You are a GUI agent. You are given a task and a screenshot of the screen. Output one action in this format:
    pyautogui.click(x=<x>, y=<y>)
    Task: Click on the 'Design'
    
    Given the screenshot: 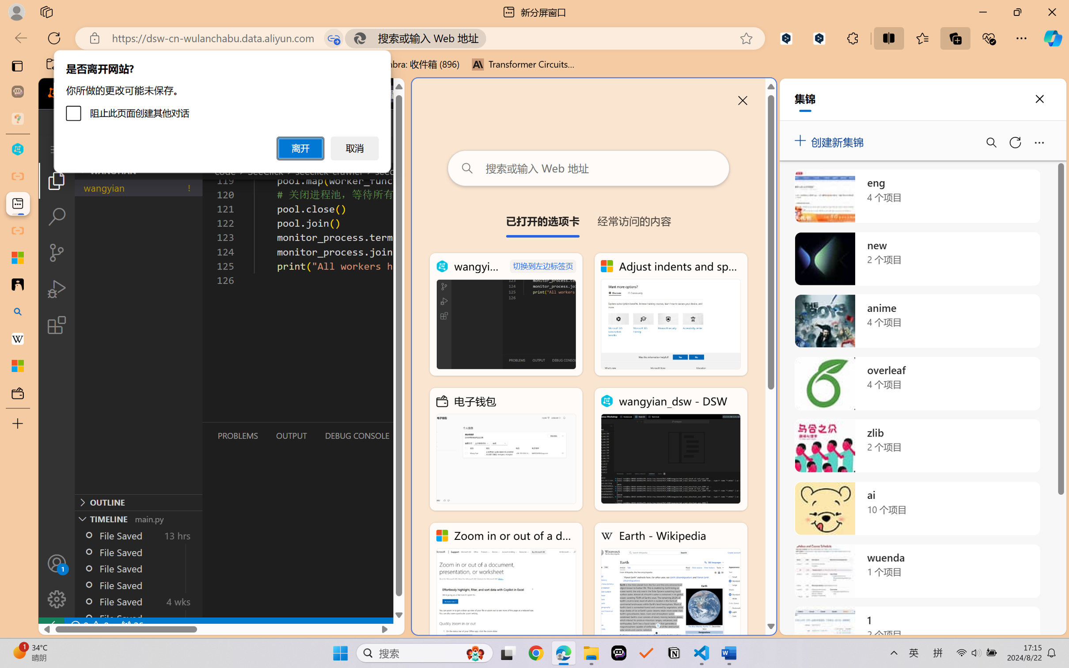 What is the action you would take?
    pyautogui.click(x=89, y=23)
    